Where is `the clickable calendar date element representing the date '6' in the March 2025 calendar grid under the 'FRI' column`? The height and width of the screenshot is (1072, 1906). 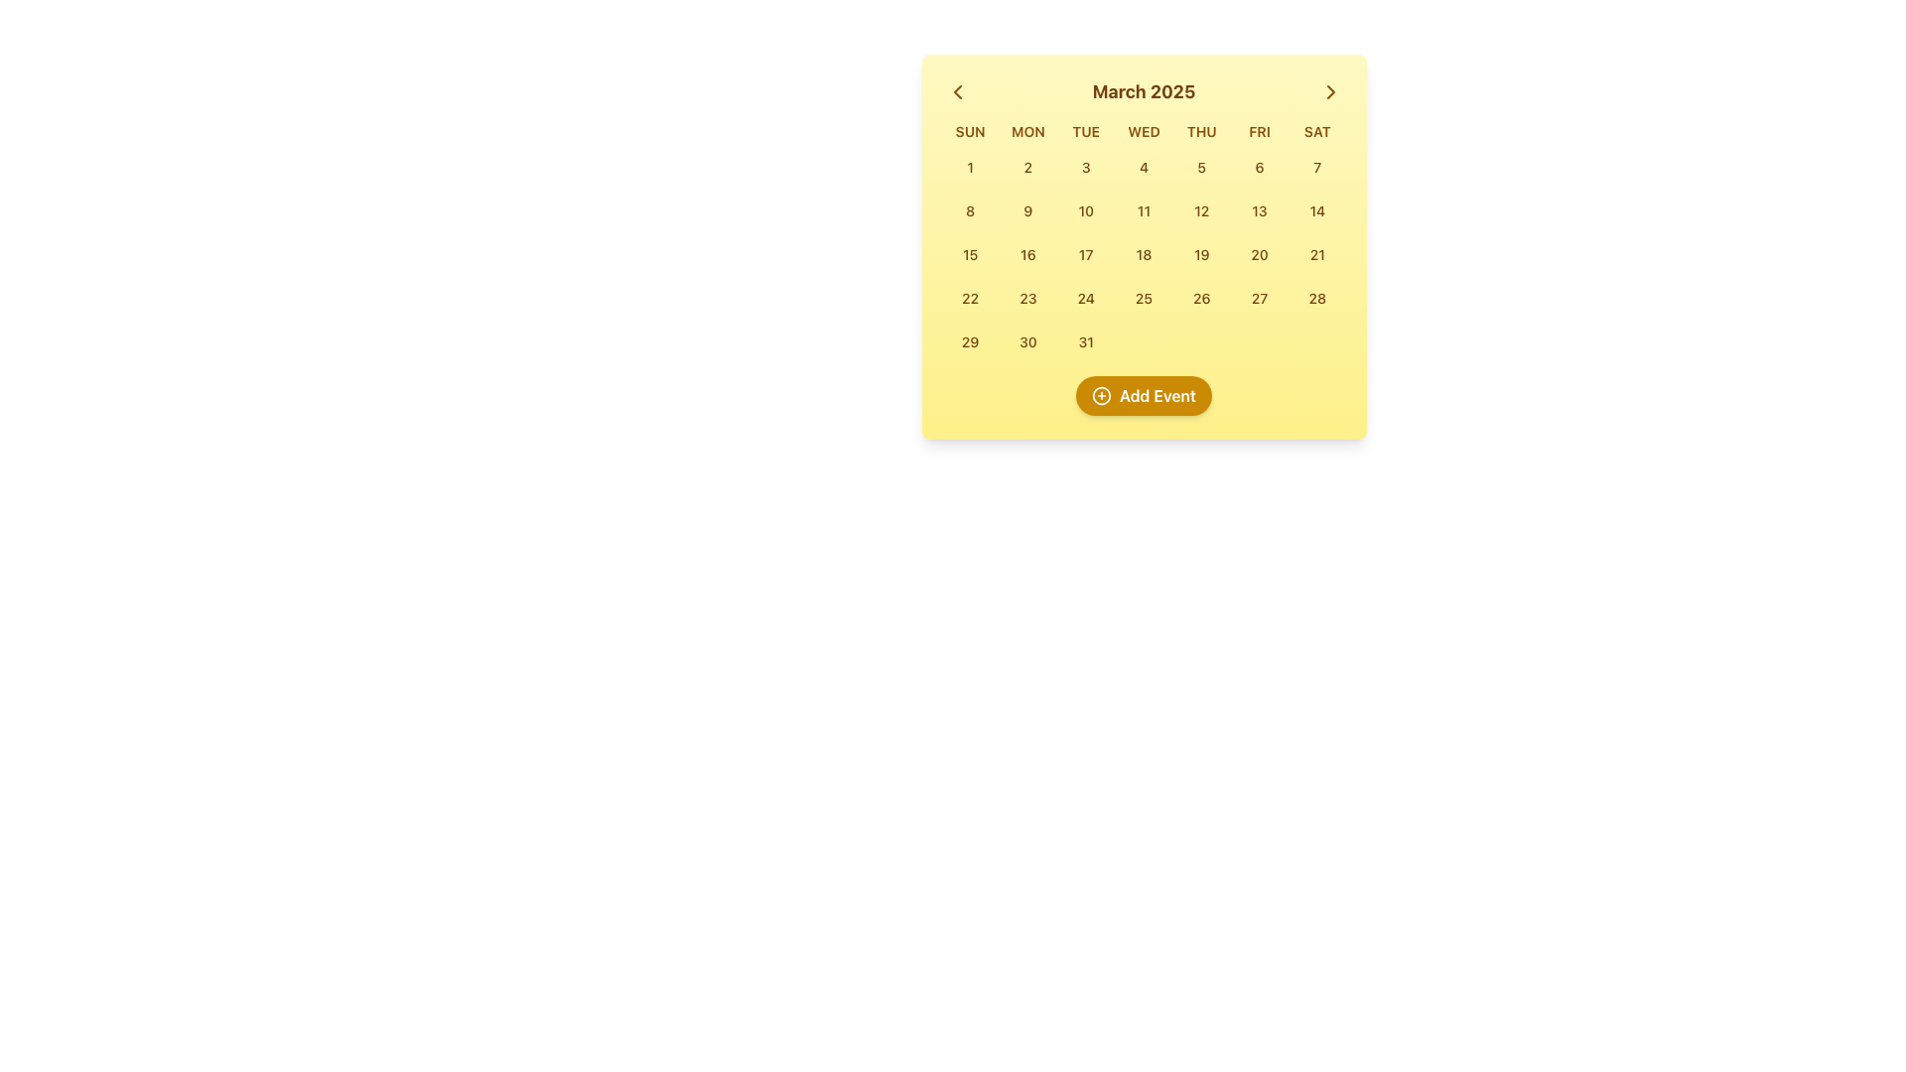 the clickable calendar date element representing the date '6' in the March 2025 calendar grid under the 'FRI' column is located at coordinates (1259, 167).